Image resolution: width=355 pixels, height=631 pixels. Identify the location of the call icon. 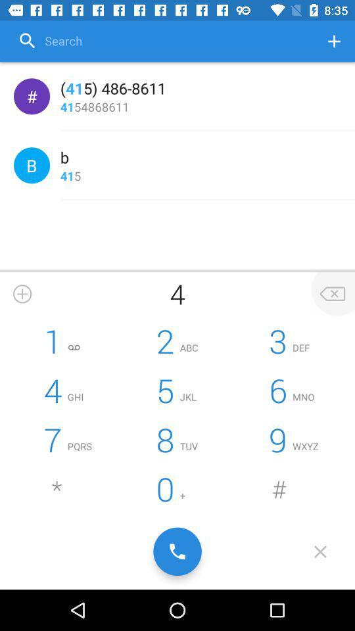
(177, 551).